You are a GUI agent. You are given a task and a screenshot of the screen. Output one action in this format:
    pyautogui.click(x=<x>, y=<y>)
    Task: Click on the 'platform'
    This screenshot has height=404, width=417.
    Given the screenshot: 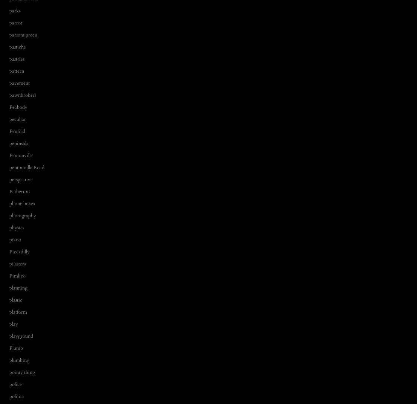 What is the action you would take?
    pyautogui.click(x=18, y=312)
    